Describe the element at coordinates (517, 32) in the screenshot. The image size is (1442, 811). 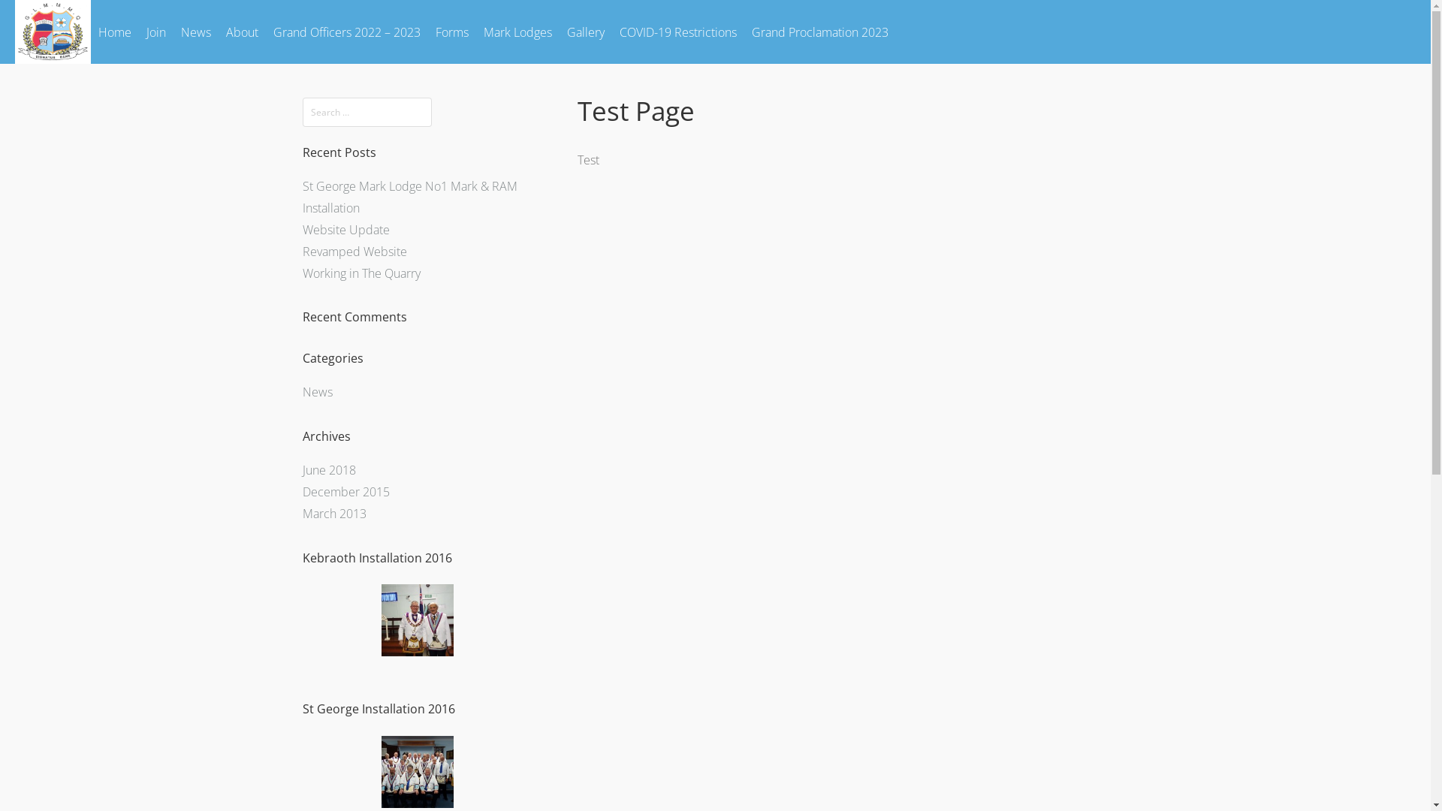
I see `'Mark Lodges'` at that location.